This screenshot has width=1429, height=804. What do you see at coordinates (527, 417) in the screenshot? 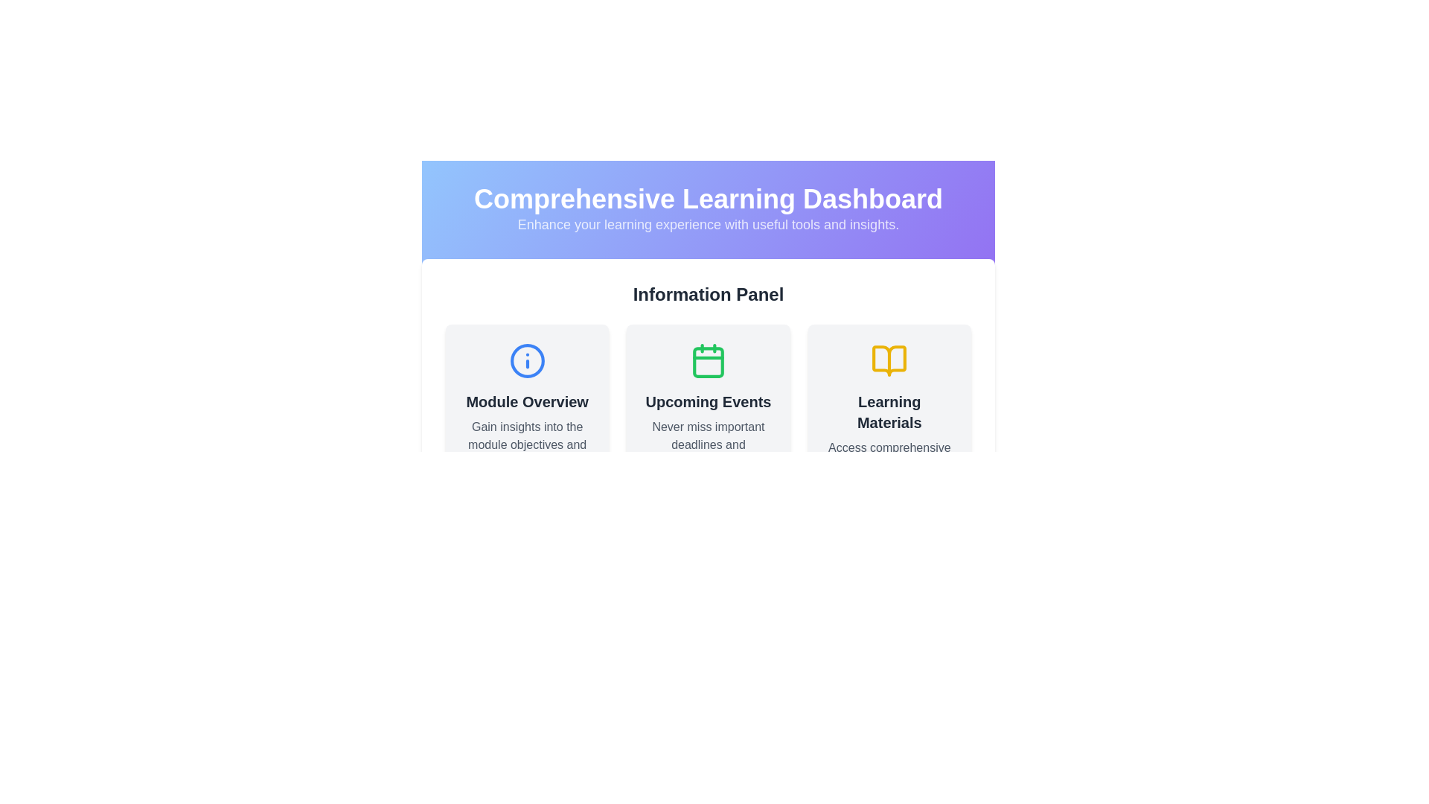
I see `the Informational Card, which features a light gray background, rounded corners, and contains the 'Module Overview' text and an 'info' icon at the top` at bounding box center [527, 417].